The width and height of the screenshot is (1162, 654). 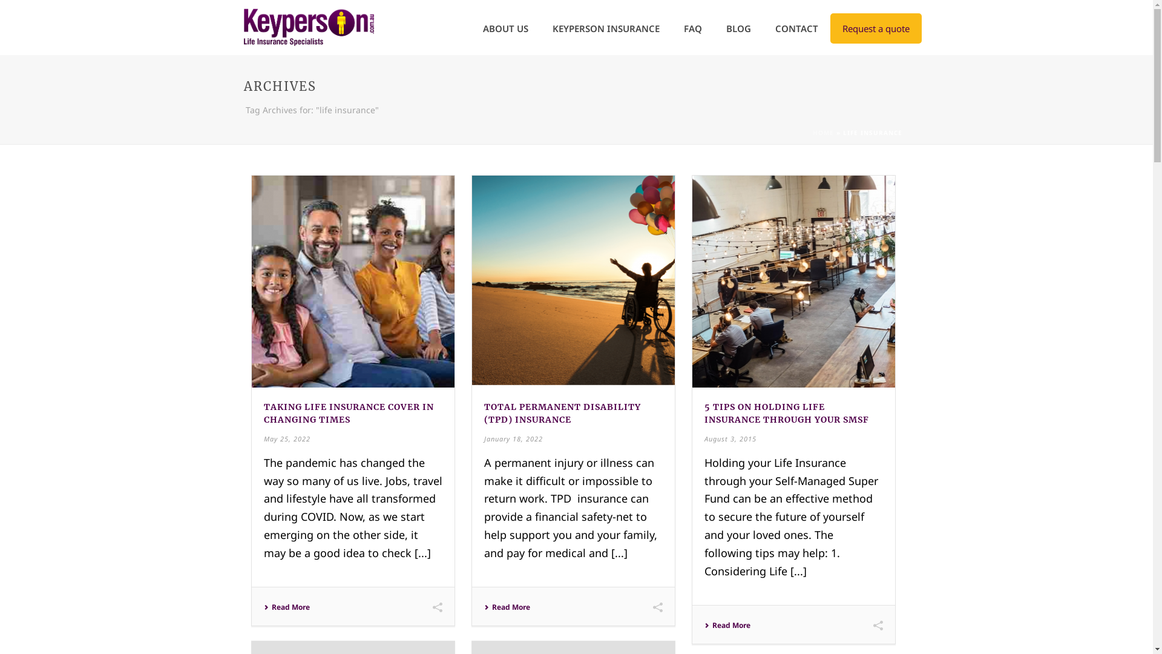 I want to click on 'CONTACT', so click(x=796, y=27).